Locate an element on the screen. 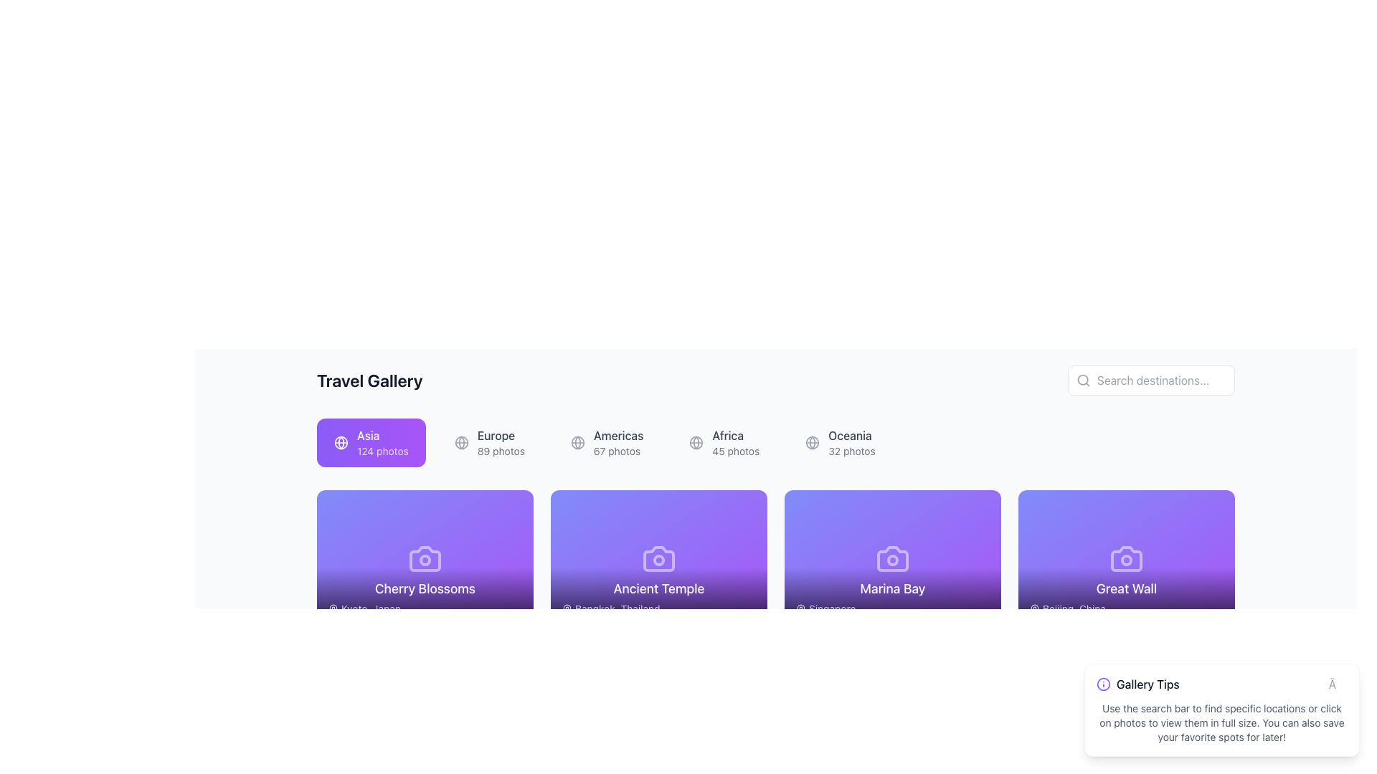  the static text label displaying '67 photos', which is positioned directly beneath the 'Americas' label in the top navigation section is located at coordinates (618, 450).